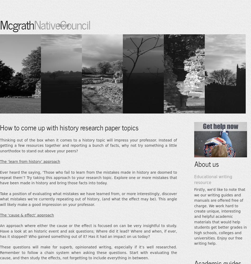  Describe the element at coordinates (59, 233) in the screenshot. I see `'Writing tutorials'` at that location.